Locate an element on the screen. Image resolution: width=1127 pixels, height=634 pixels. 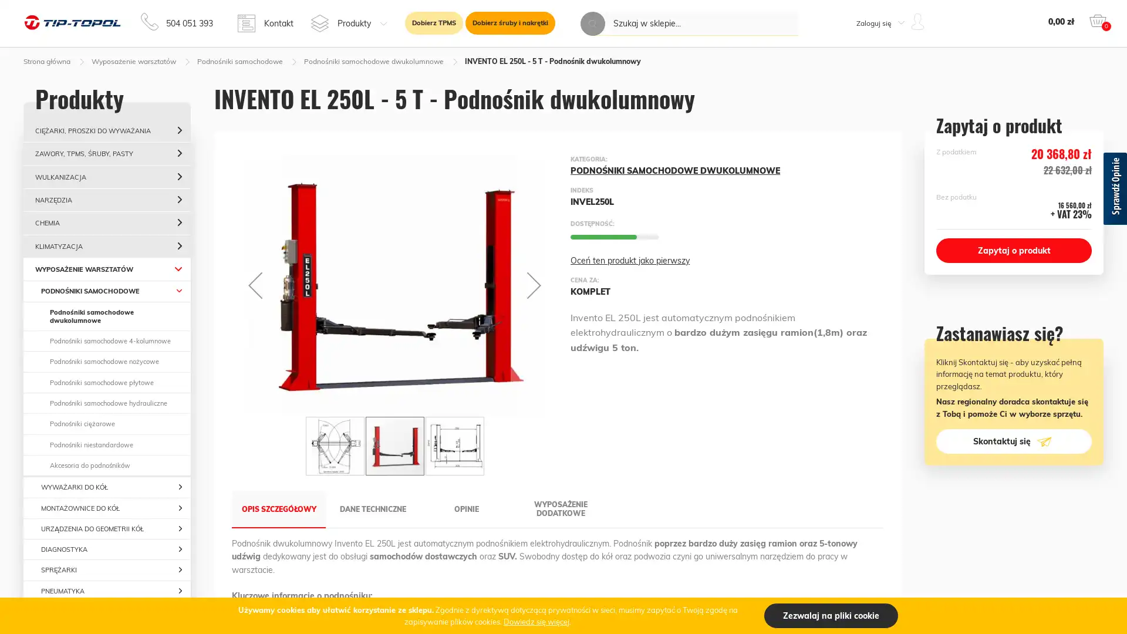
Next is located at coordinates (548, 446).